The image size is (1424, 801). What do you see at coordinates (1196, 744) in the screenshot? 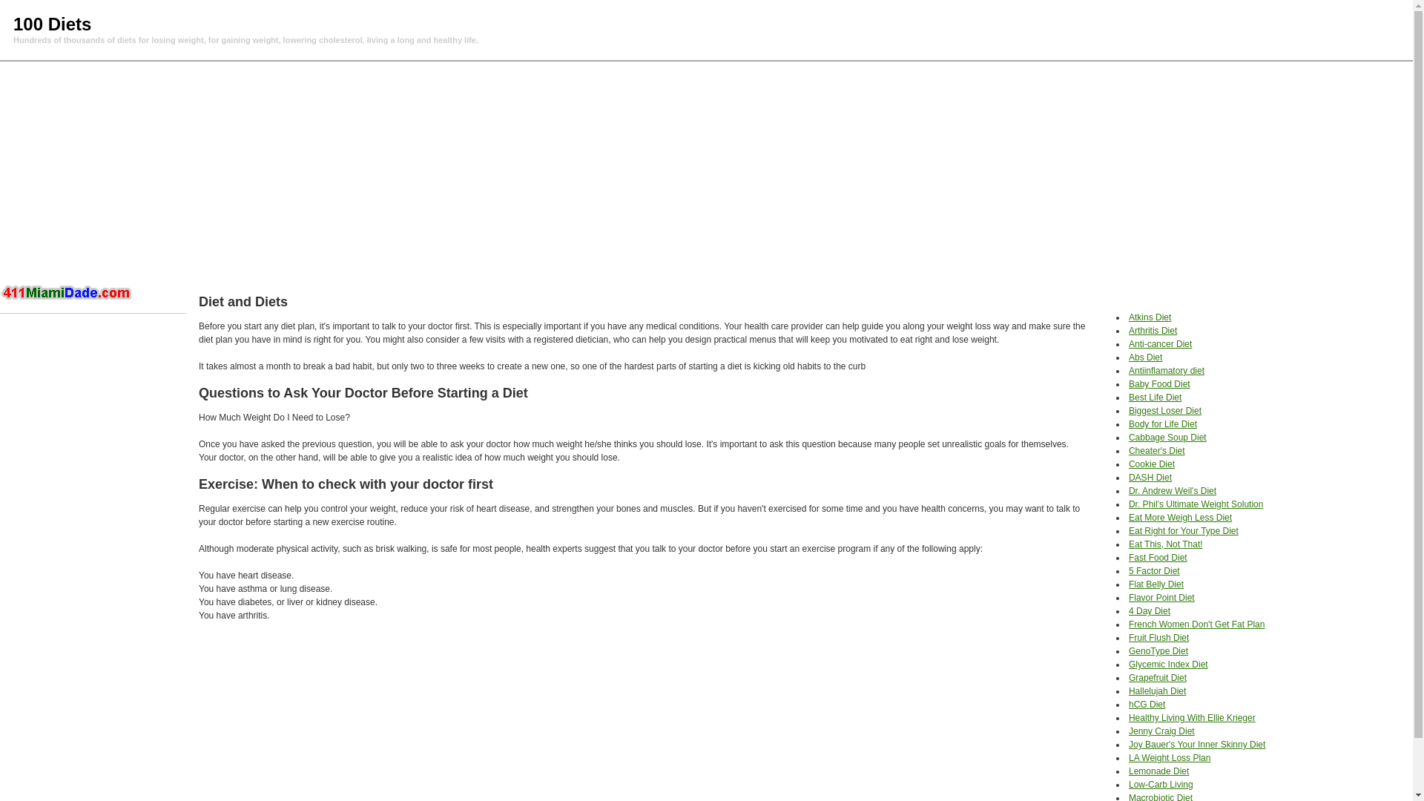
I see `'Joy Bauer's Your Inner Skinny Diet'` at bounding box center [1196, 744].